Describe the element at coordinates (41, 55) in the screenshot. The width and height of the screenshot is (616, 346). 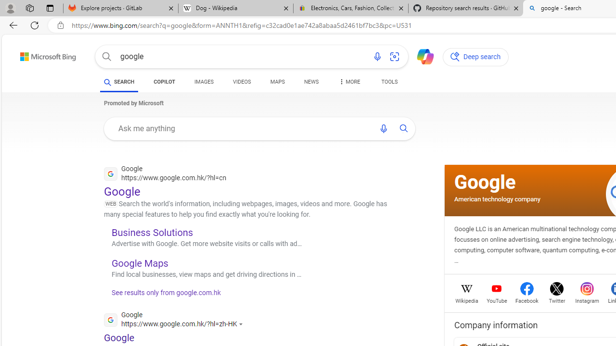
I see `'Back to Bing search'` at that location.